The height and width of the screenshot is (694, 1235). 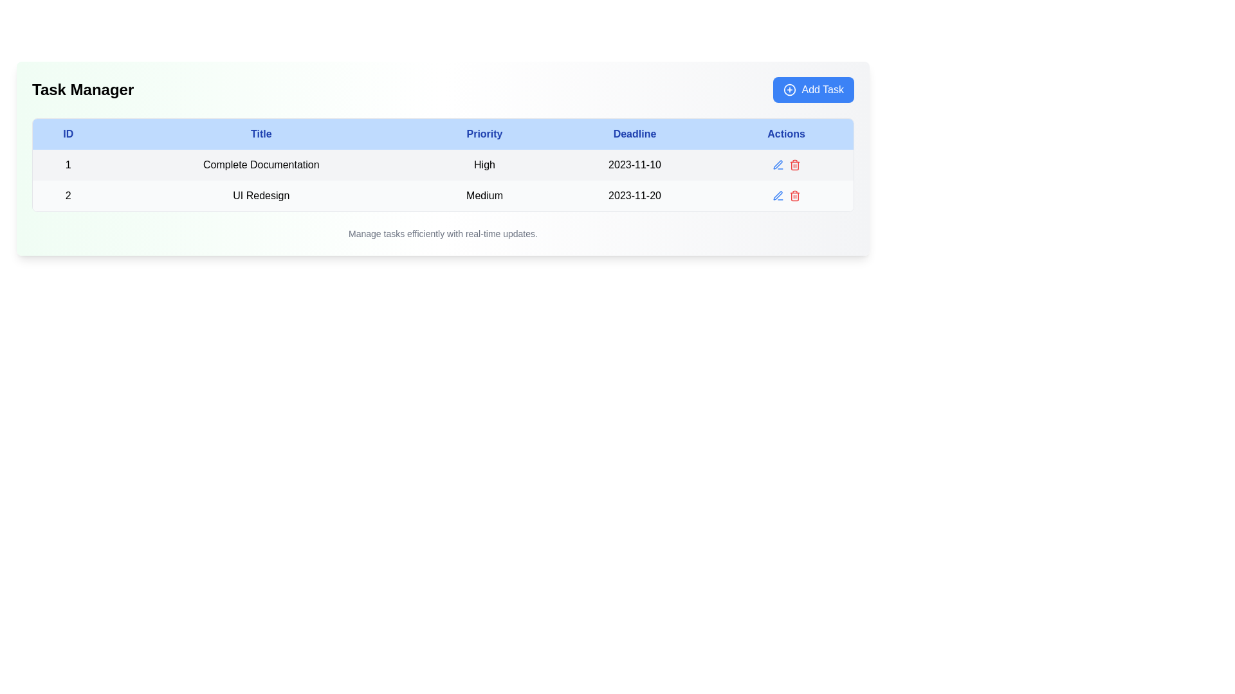 What do you see at coordinates (635, 165) in the screenshot?
I see `the static text displaying the deadline date in the fourth column of the first row of the table, aligned with 'High' priority and 'Complete Documentation' title` at bounding box center [635, 165].